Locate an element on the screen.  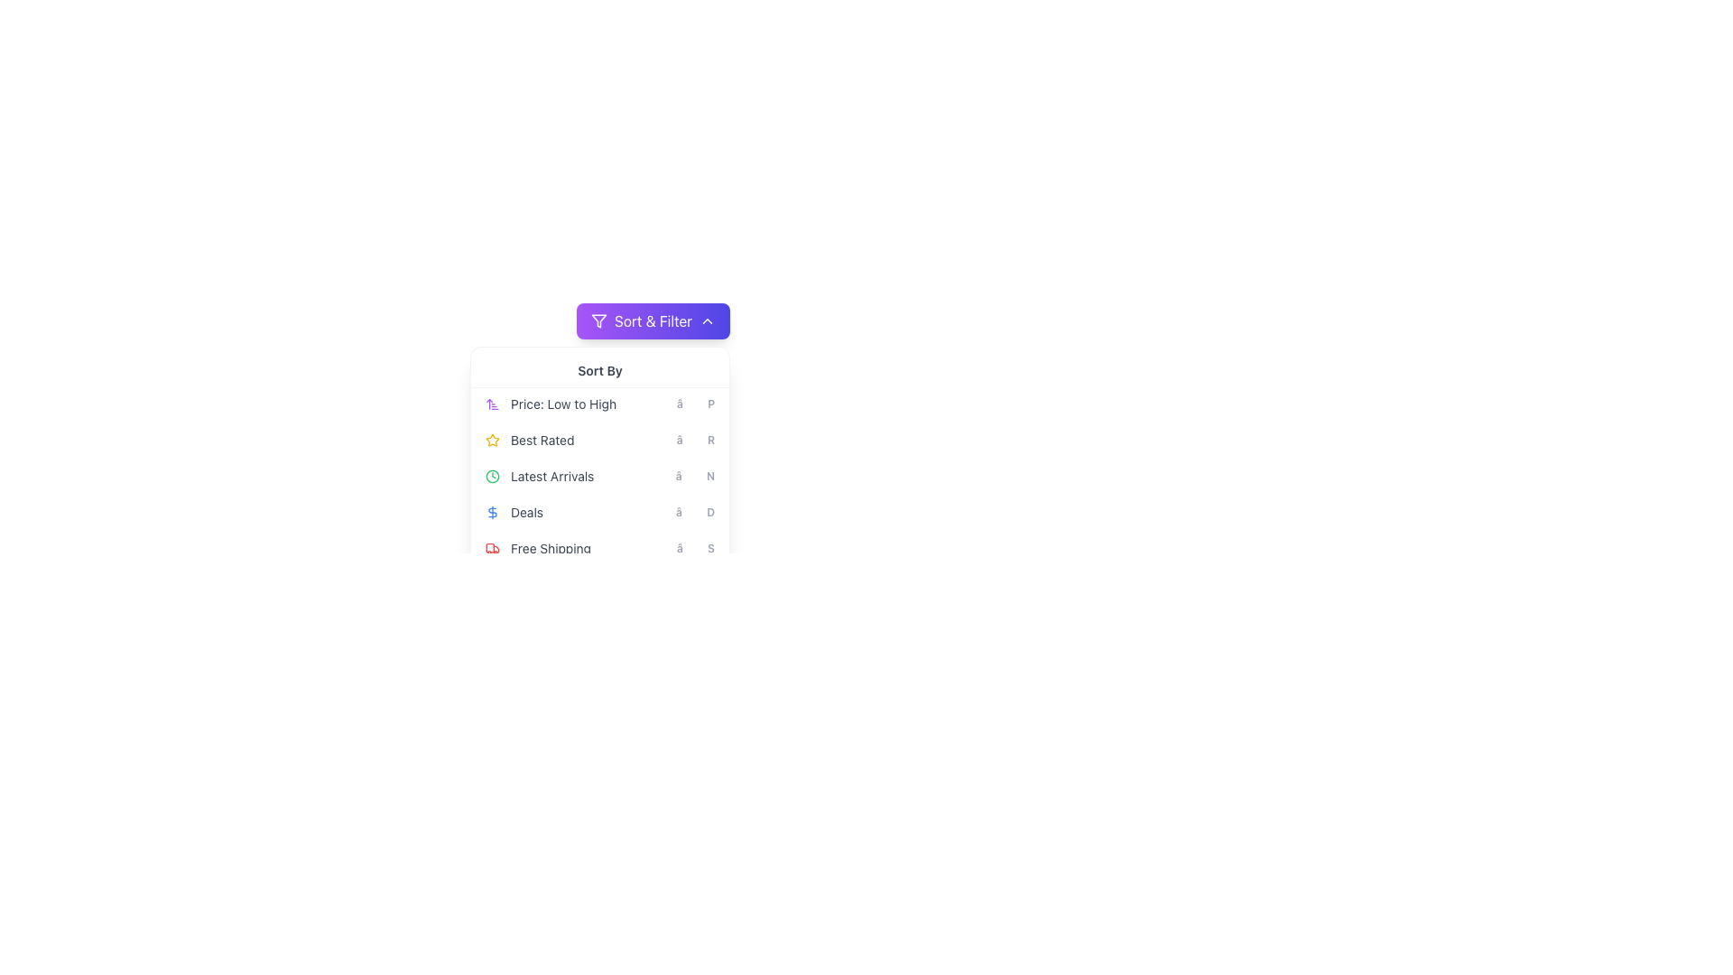
the 'Best Rated' selectable list item, which is the second item in the 'Sort By' section, positioned between 'Price: Low to High' and 'Latest Arrivals' is located at coordinates (600, 441).